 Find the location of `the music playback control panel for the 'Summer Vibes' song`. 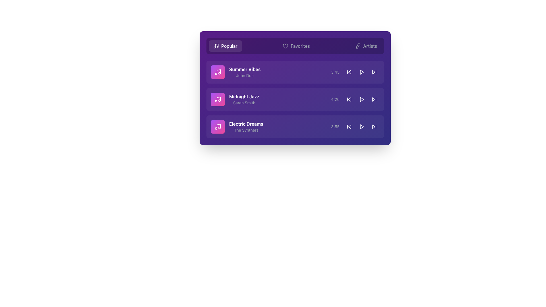

the music playback control panel for the 'Summer Vibes' song is located at coordinates (355, 72).